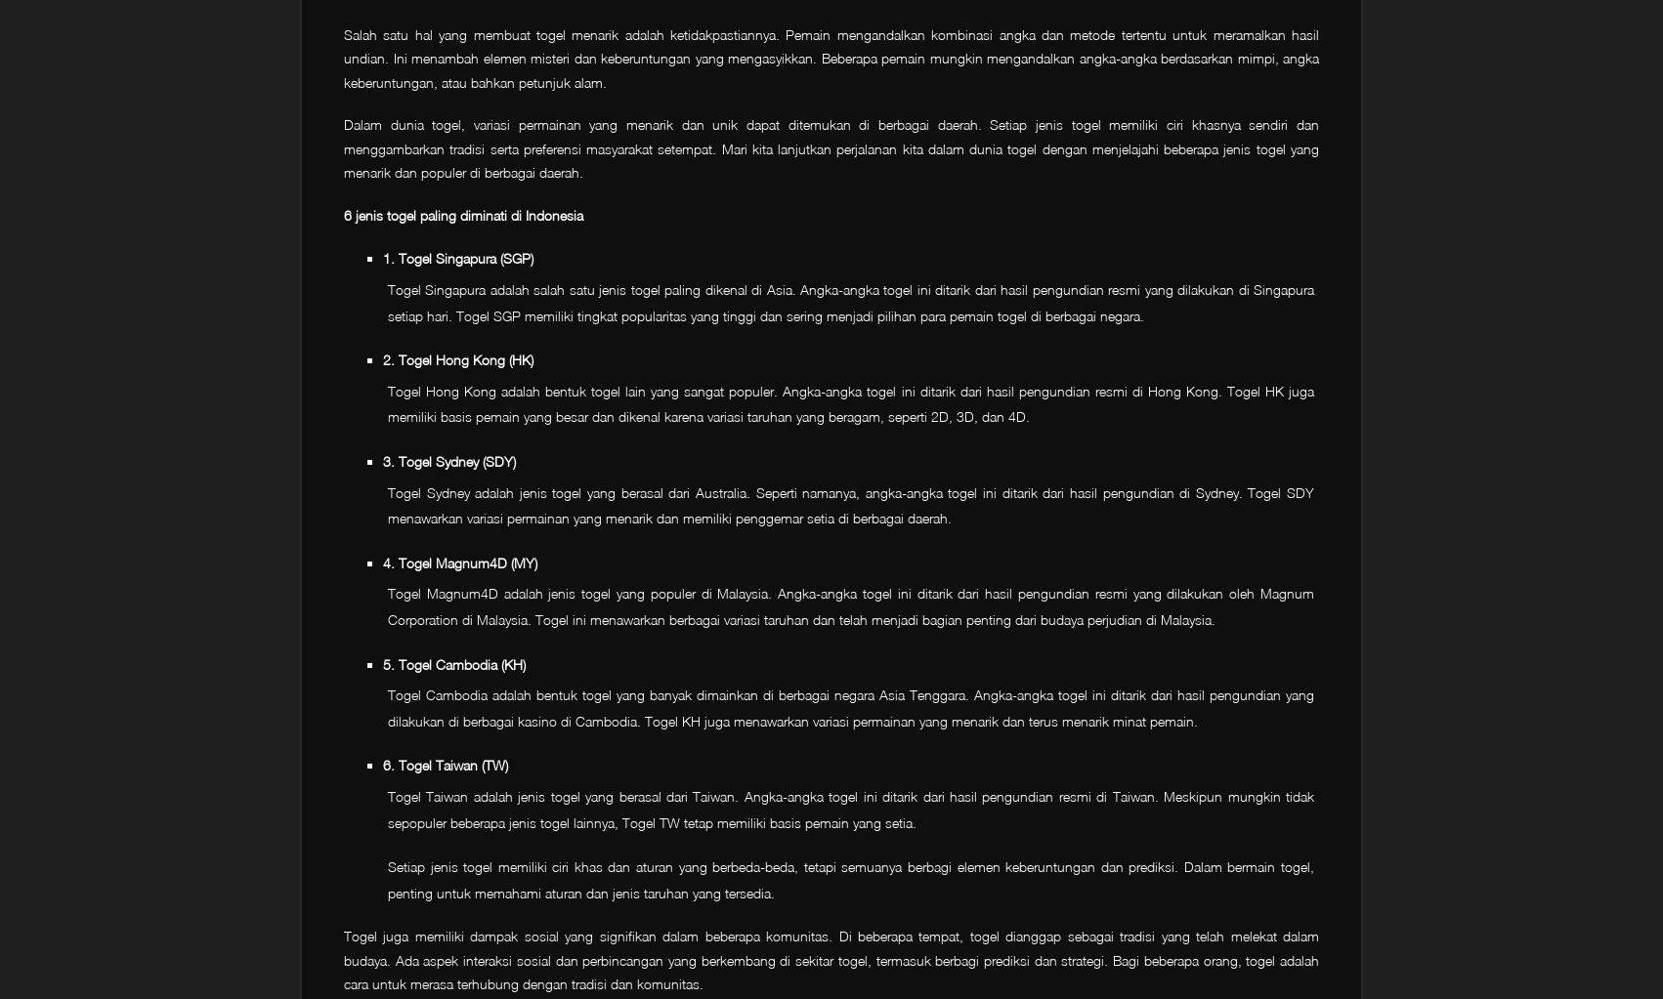  I want to click on '1. Togel Singapura (SGP)', so click(457, 258).